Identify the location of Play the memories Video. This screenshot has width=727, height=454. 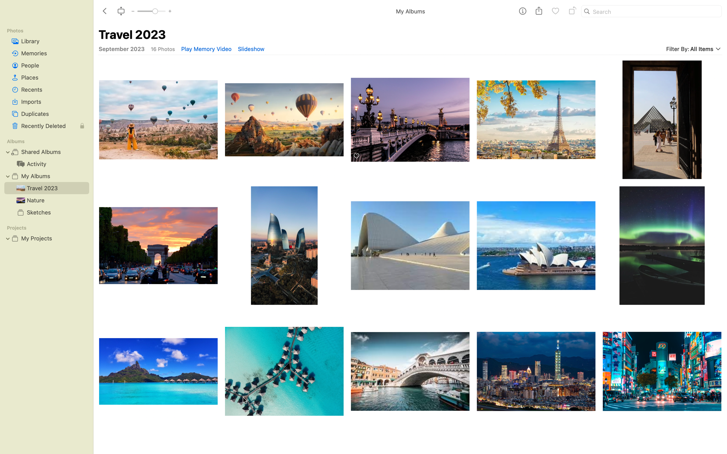
(206, 49).